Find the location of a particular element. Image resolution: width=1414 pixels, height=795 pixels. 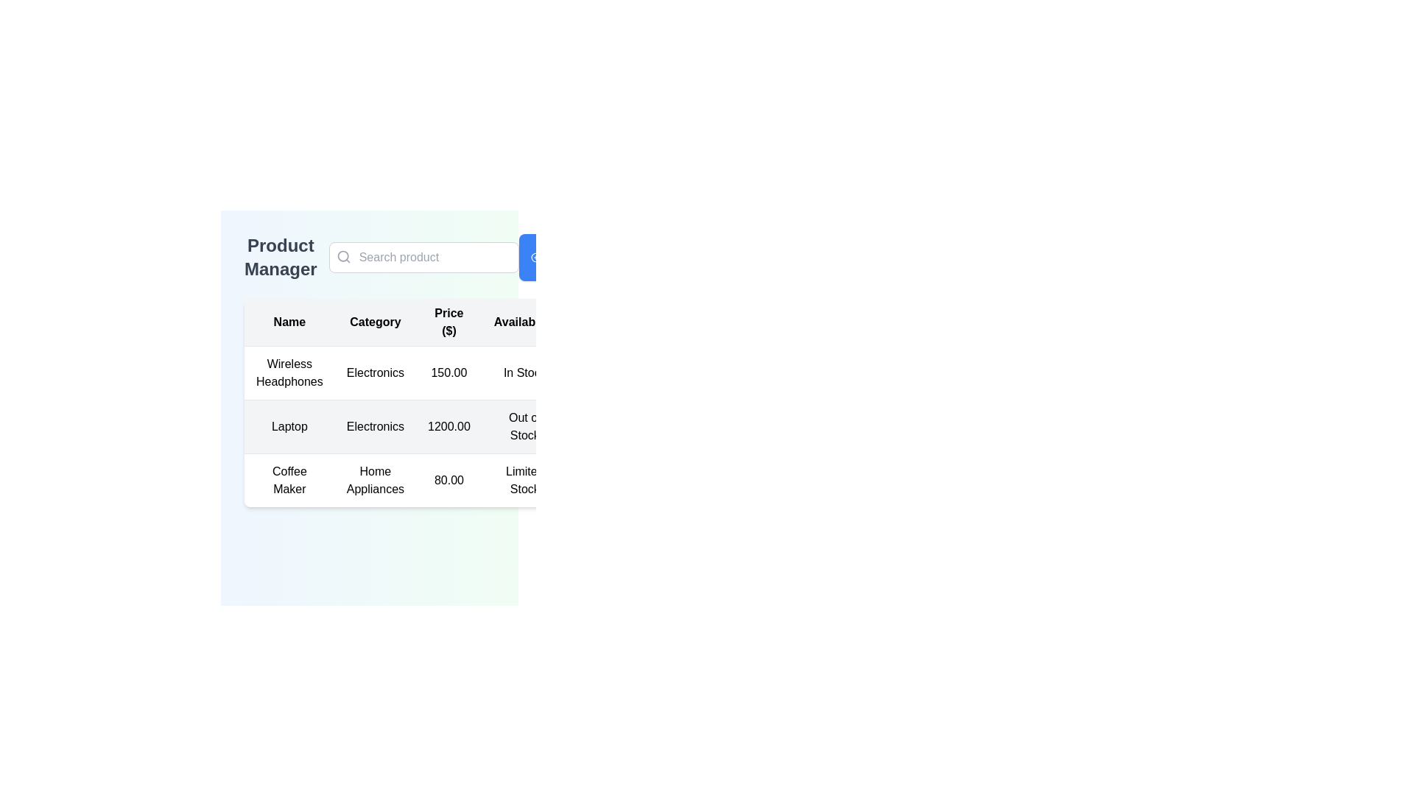

the 'Price ($)' table header cell to potentially sort the column is located at coordinates (446, 322).